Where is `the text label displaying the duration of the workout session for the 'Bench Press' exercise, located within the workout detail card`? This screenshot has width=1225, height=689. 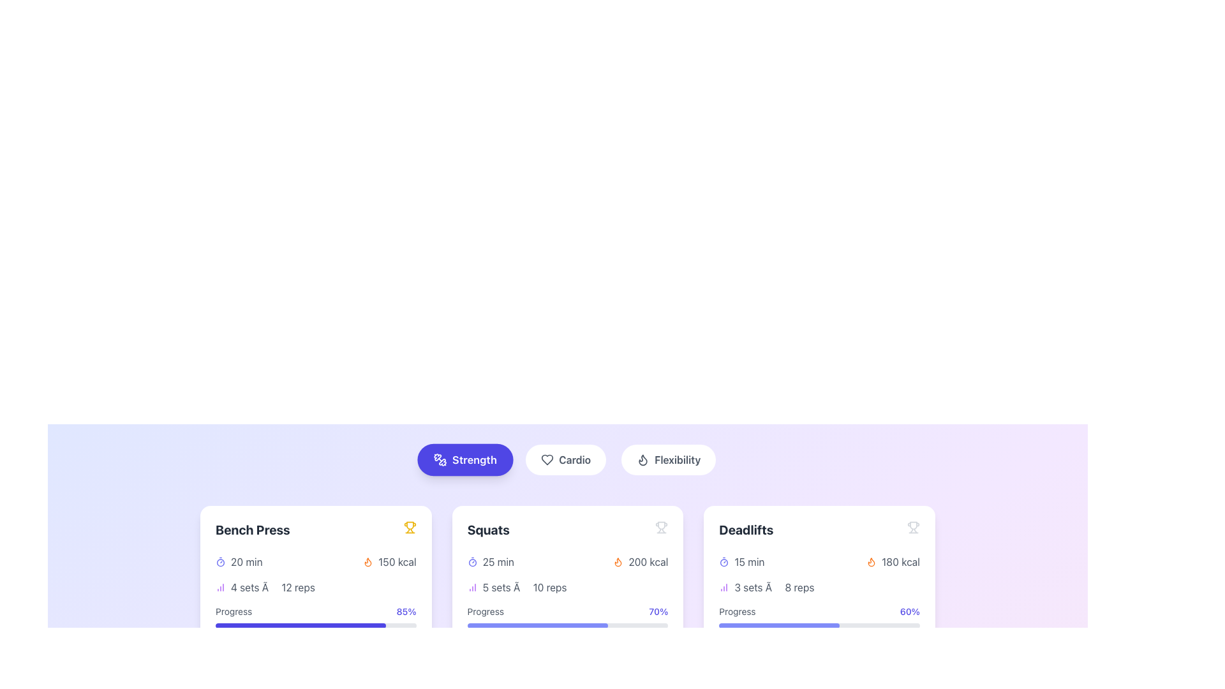 the text label displaying the duration of the workout session for the 'Bench Press' exercise, located within the workout detail card is located at coordinates (246, 561).